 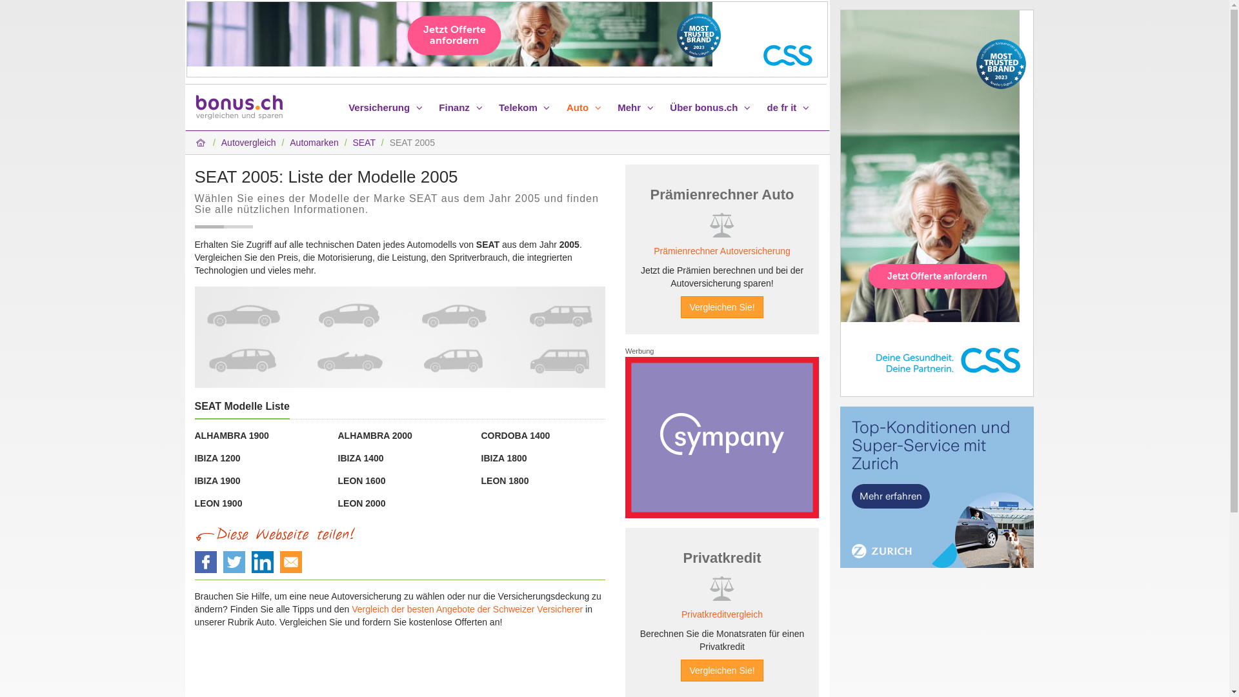 What do you see at coordinates (585, 106) in the screenshot?
I see `'Auto'` at bounding box center [585, 106].